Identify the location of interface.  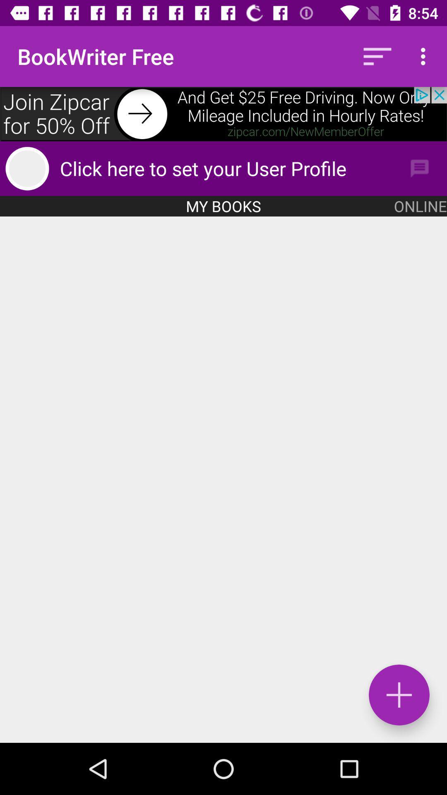
(223, 479).